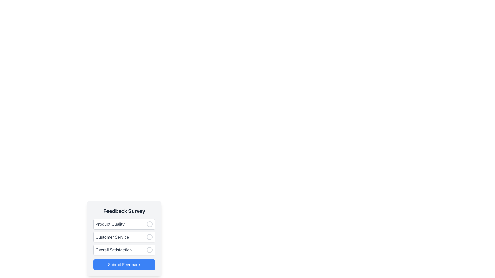 The width and height of the screenshot is (495, 278). I want to click on the mouse over the vertical list of selectable options for the survey categories labeled 'Product Quality', 'Customer Service', and 'Overall Satisfaction', so click(124, 237).